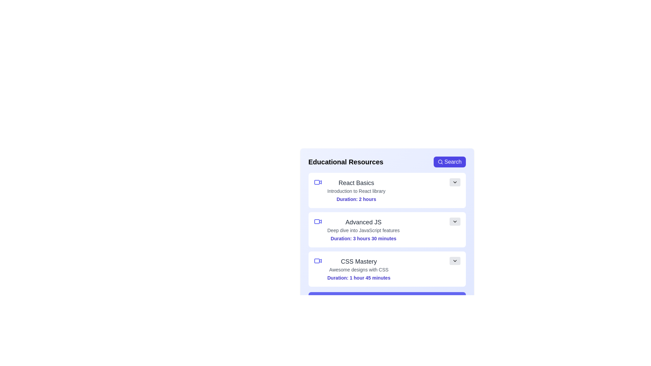 The width and height of the screenshot is (651, 366). Describe the element at coordinates (449, 162) in the screenshot. I see `the 'Search' button to initiate the search action` at that location.